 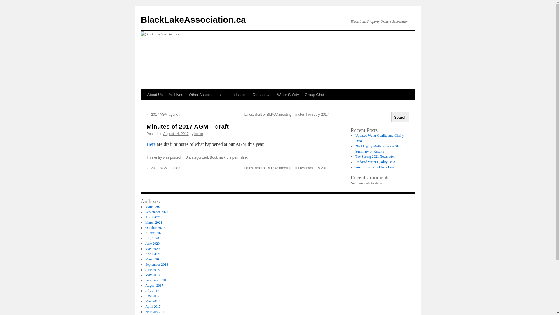 I want to click on 'June 2018', so click(x=152, y=270).